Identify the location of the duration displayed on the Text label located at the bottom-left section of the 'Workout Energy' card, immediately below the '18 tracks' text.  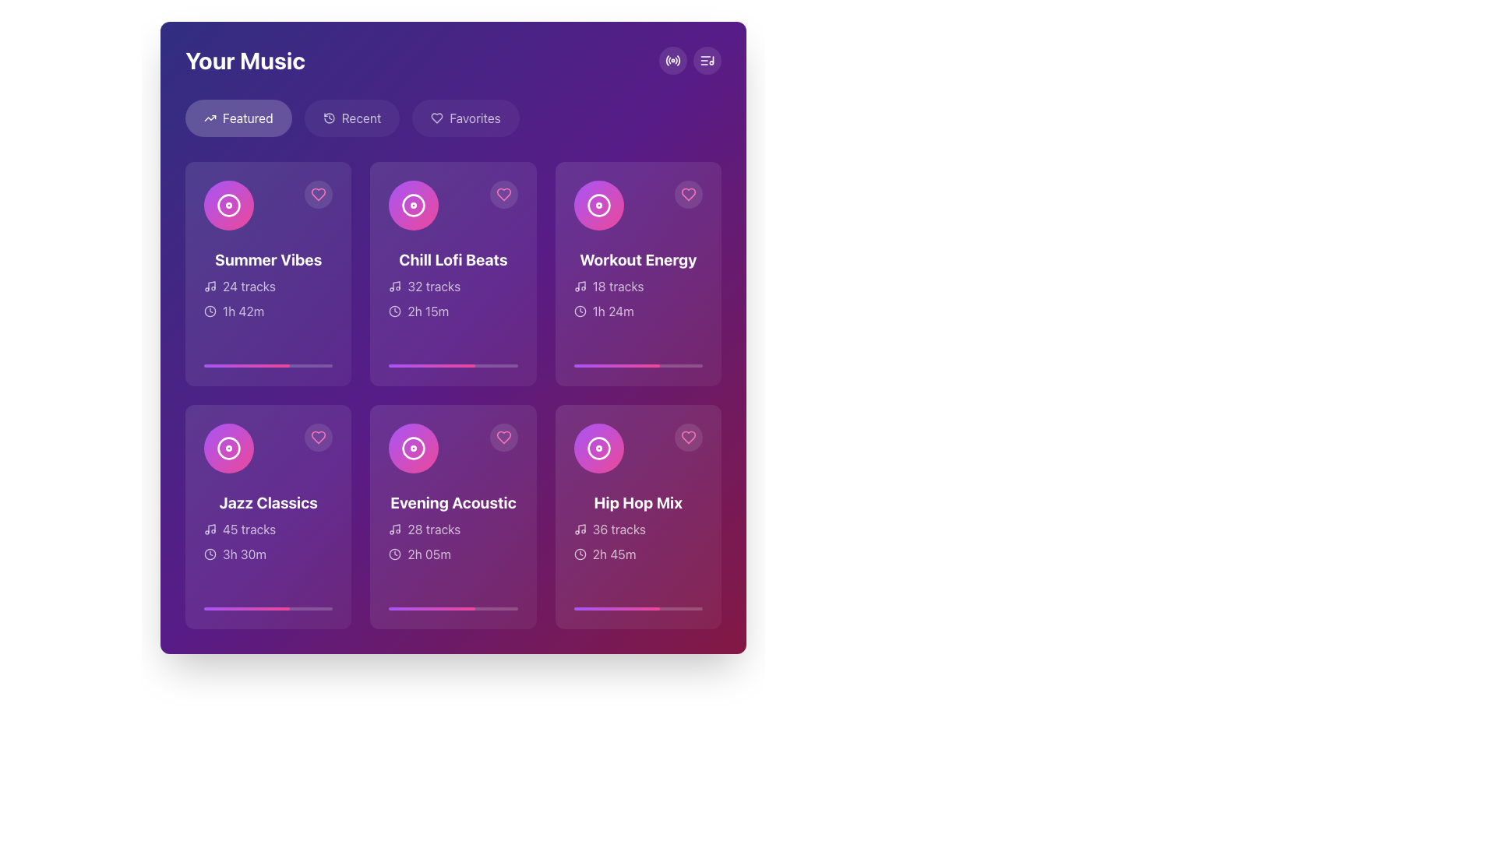
(638, 311).